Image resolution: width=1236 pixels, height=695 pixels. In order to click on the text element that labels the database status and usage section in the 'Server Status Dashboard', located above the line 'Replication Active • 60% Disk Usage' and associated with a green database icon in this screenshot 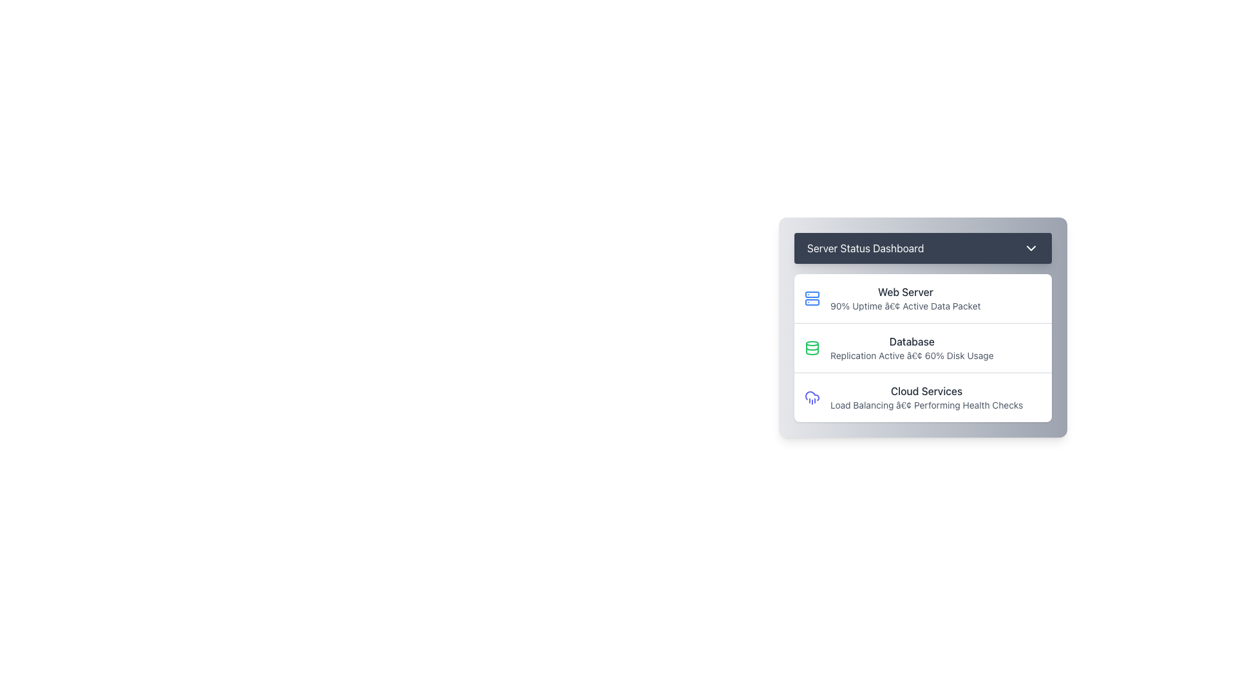, I will do `click(911, 341)`.